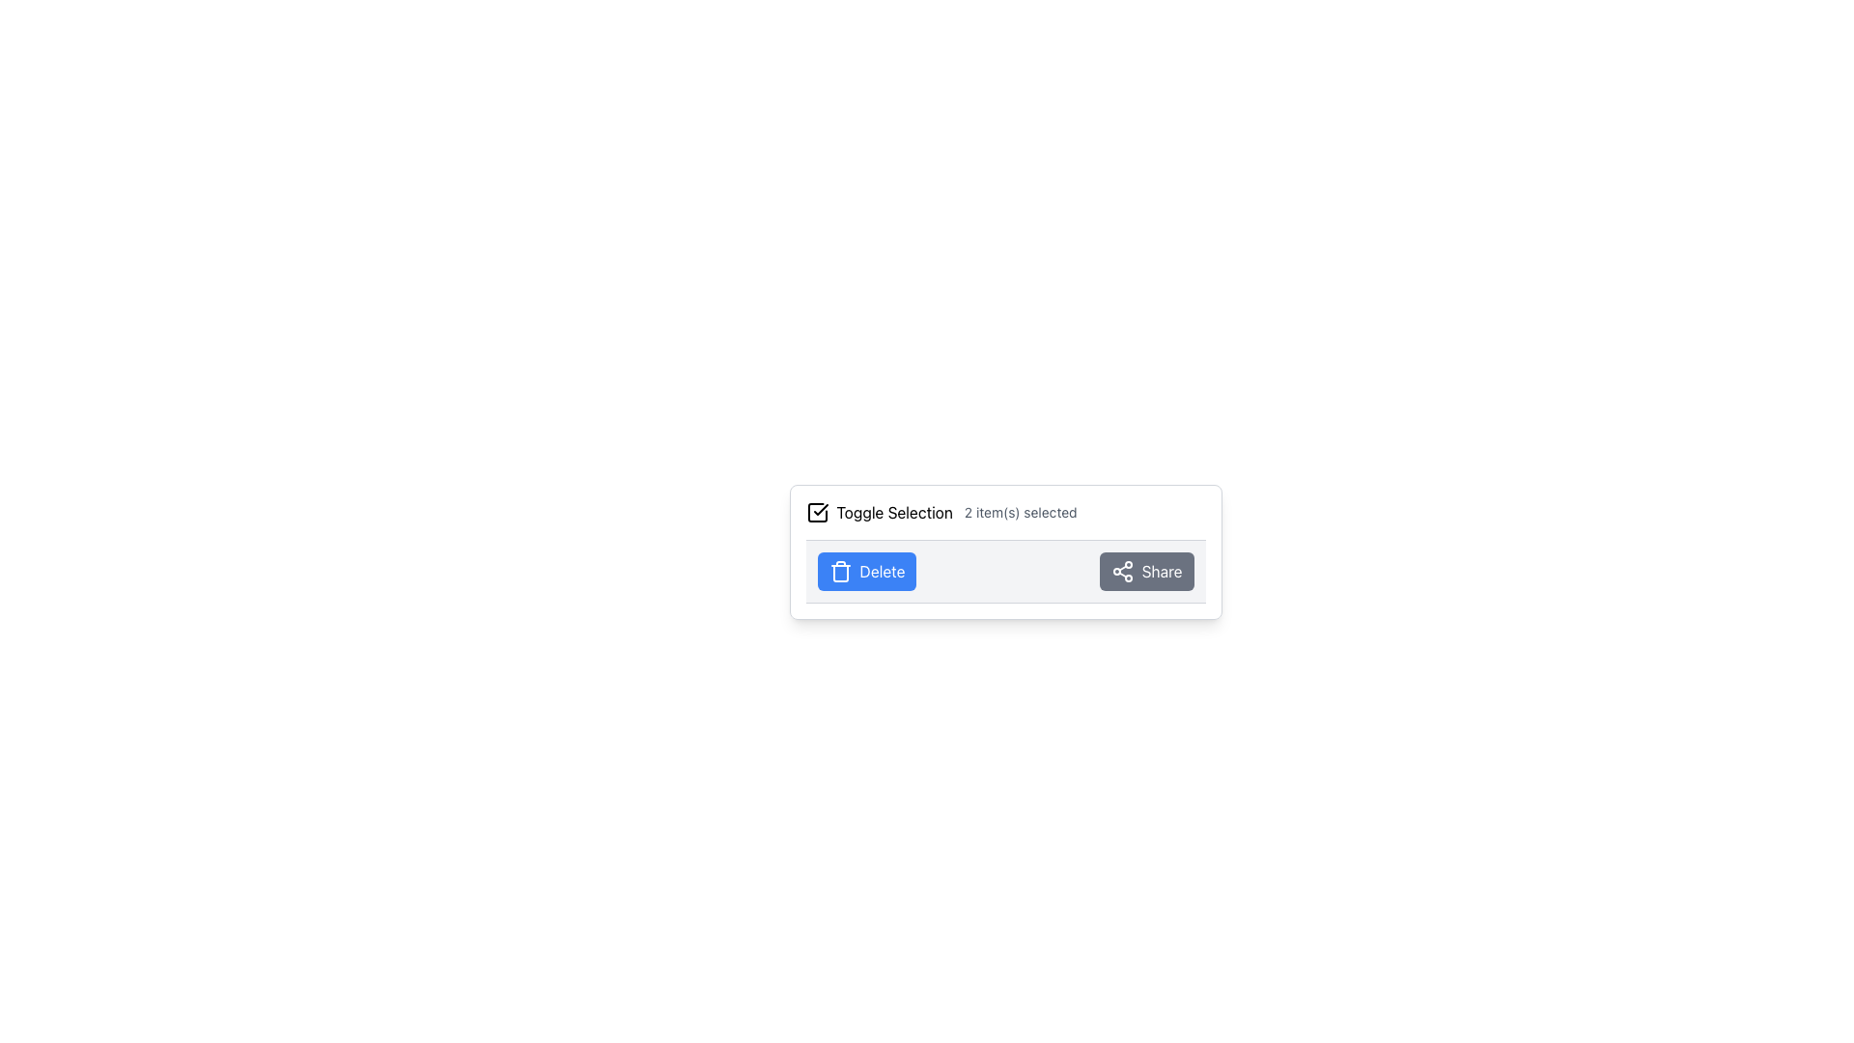 This screenshot has height=1043, width=1854. I want to click on the Text Label that displays the current number of selected items, located to the right of the 'Toggle Selection' label and slightly above the 'Delete' and 'Share' buttons, so click(1020, 512).